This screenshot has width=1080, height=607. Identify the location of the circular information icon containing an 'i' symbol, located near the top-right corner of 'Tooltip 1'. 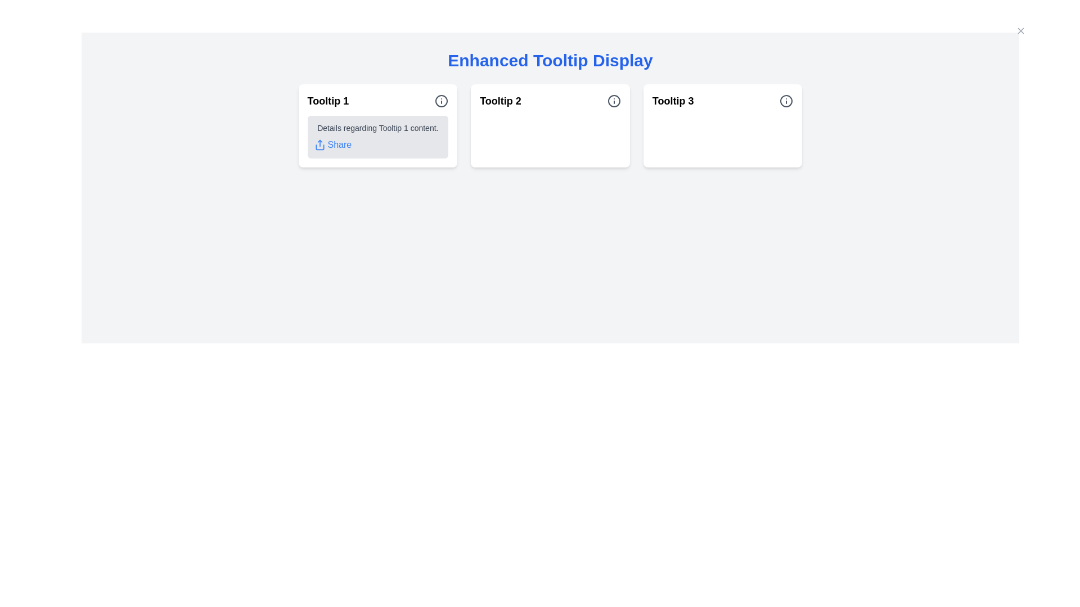
(441, 101).